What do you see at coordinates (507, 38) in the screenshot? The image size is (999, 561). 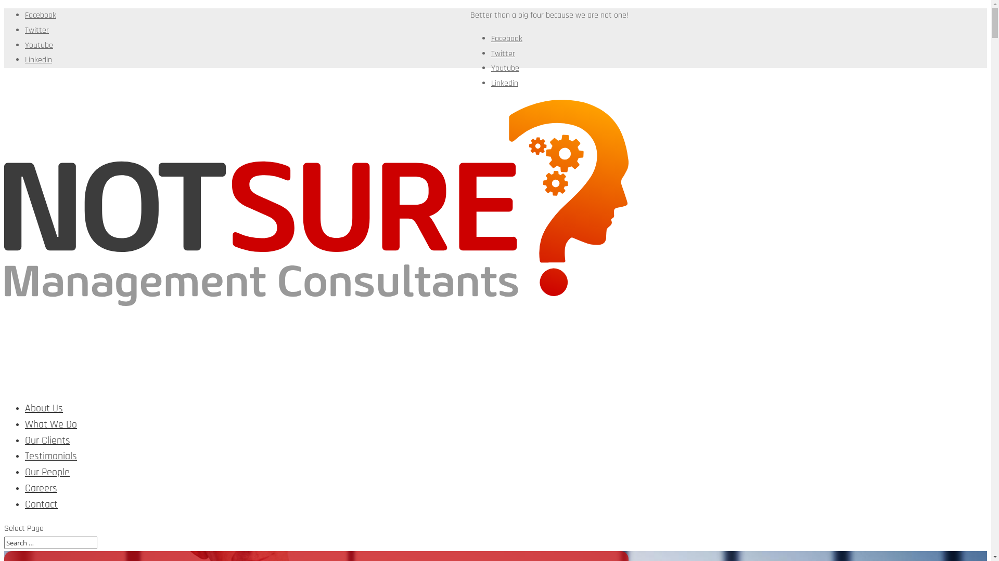 I see `'Facebook'` at bounding box center [507, 38].